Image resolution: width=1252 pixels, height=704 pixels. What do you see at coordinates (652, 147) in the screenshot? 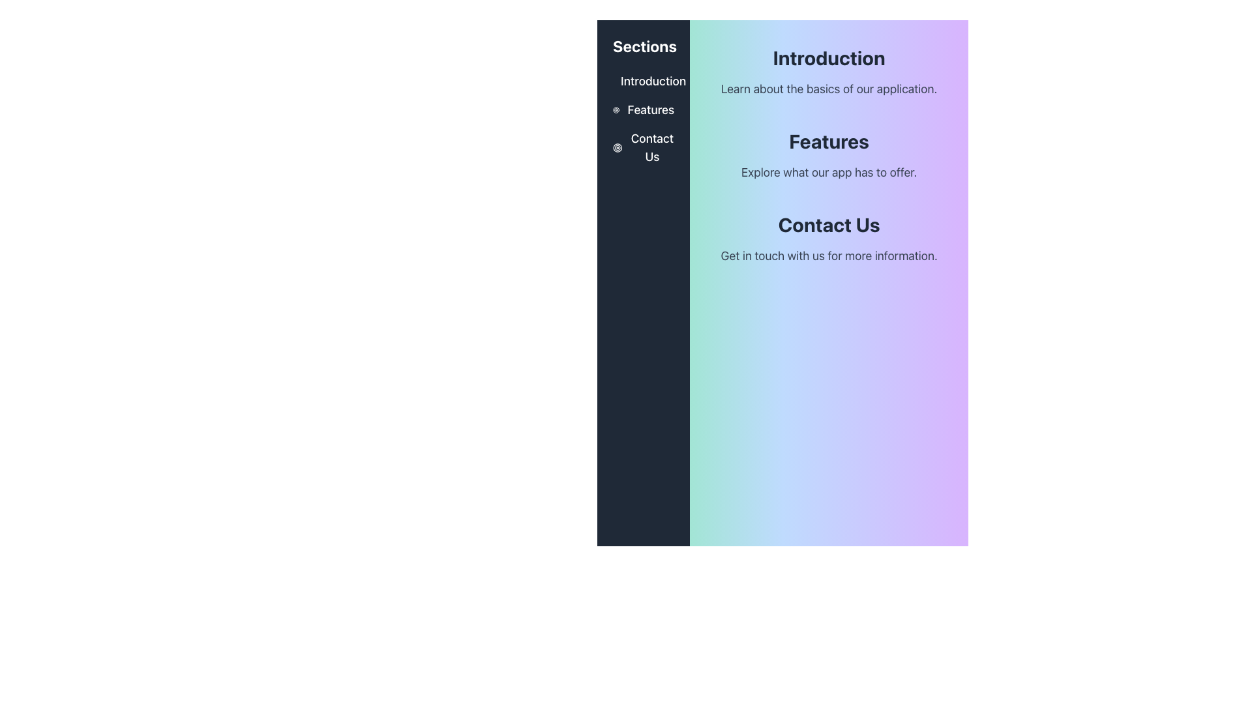
I see `the 'Contact Us' text link in the sidebar menu to activate the underline hover effect` at bounding box center [652, 147].